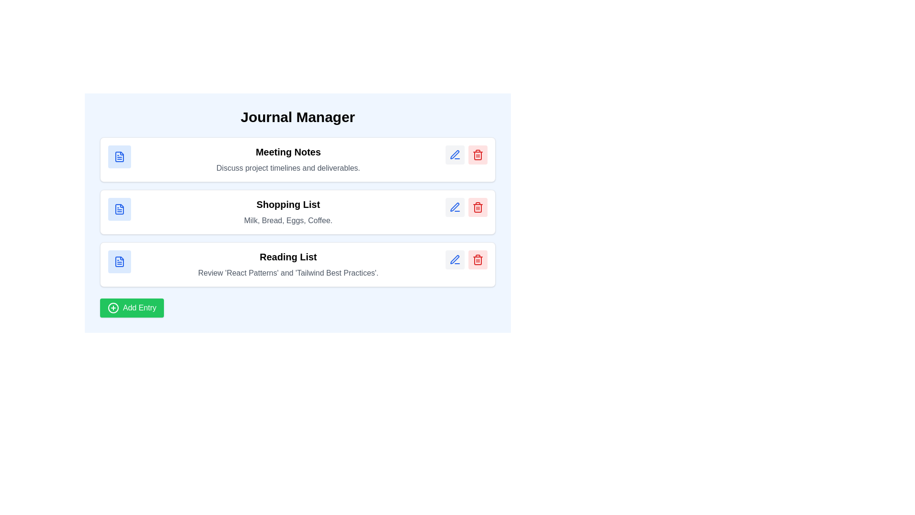  Describe the element at coordinates (119, 156) in the screenshot. I see `the 'Meeting Notes' icon located on the left side of the first row under the 'Journal Manager' heading` at that location.